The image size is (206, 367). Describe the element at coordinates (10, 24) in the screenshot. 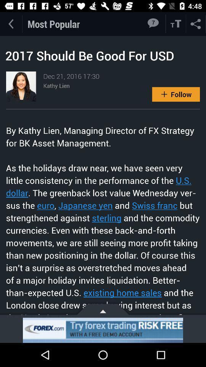

I see `return to homepage` at that location.